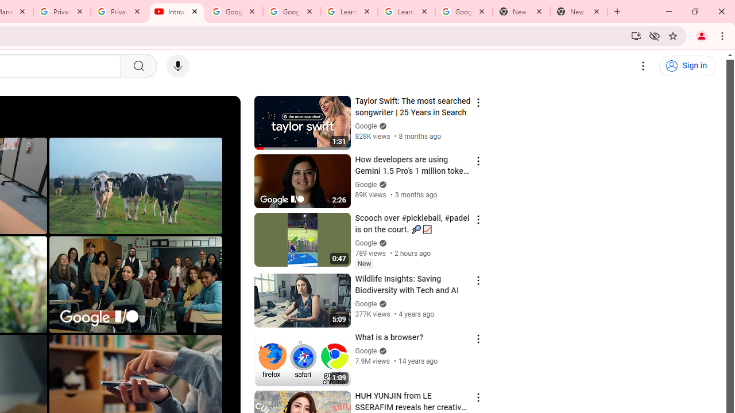 The height and width of the screenshot is (413, 735). Describe the element at coordinates (176, 11) in the screenshot. I see `'Introduction | Google Privacy Policy - YouTube'` at that location.